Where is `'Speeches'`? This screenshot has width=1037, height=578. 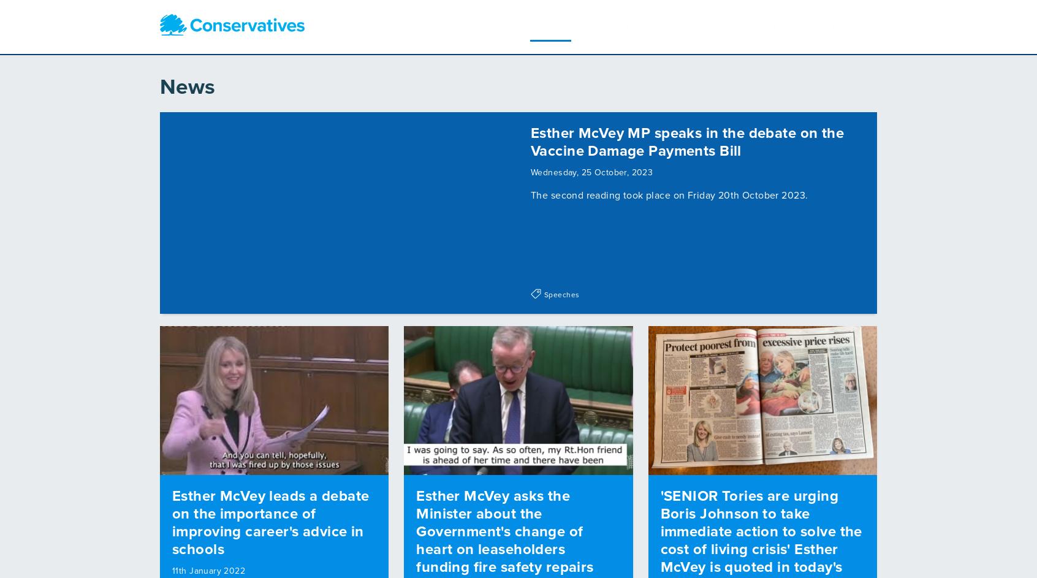 'Speeches' is located at coordinates (561, 290).